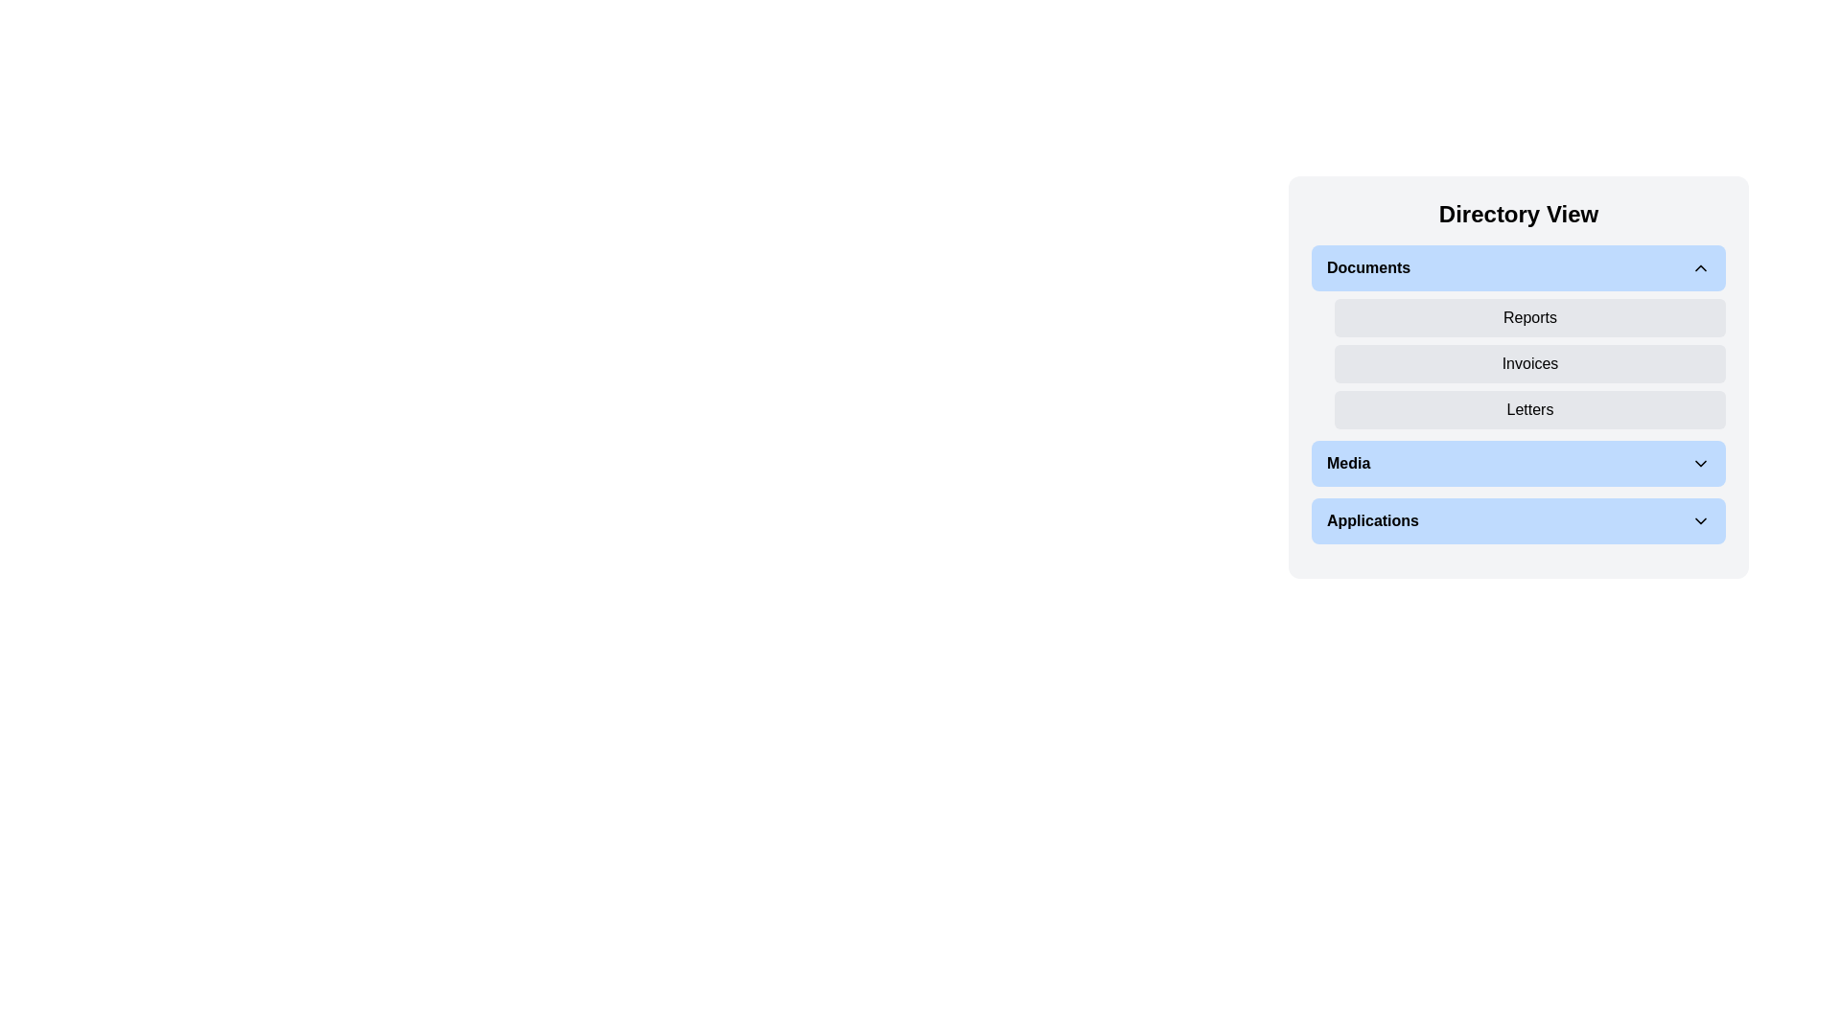 The width and height of the screenshot is (1841, 1035). I want to click on the 'Invoices' button, so click(1518, 377).